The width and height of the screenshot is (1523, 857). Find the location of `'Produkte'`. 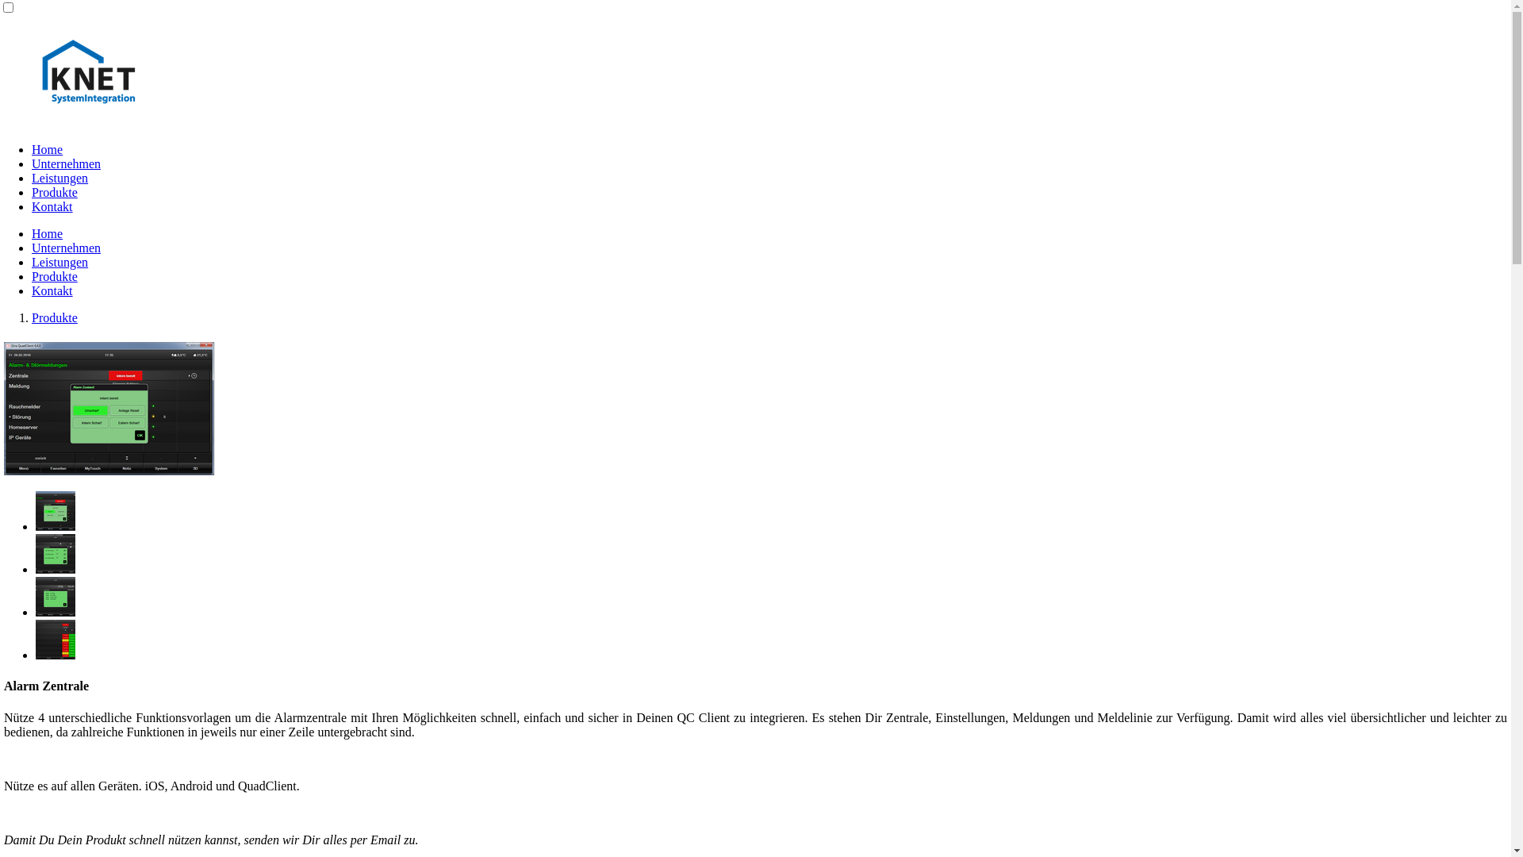

'Produkte' is located at coordinates (31, 191).